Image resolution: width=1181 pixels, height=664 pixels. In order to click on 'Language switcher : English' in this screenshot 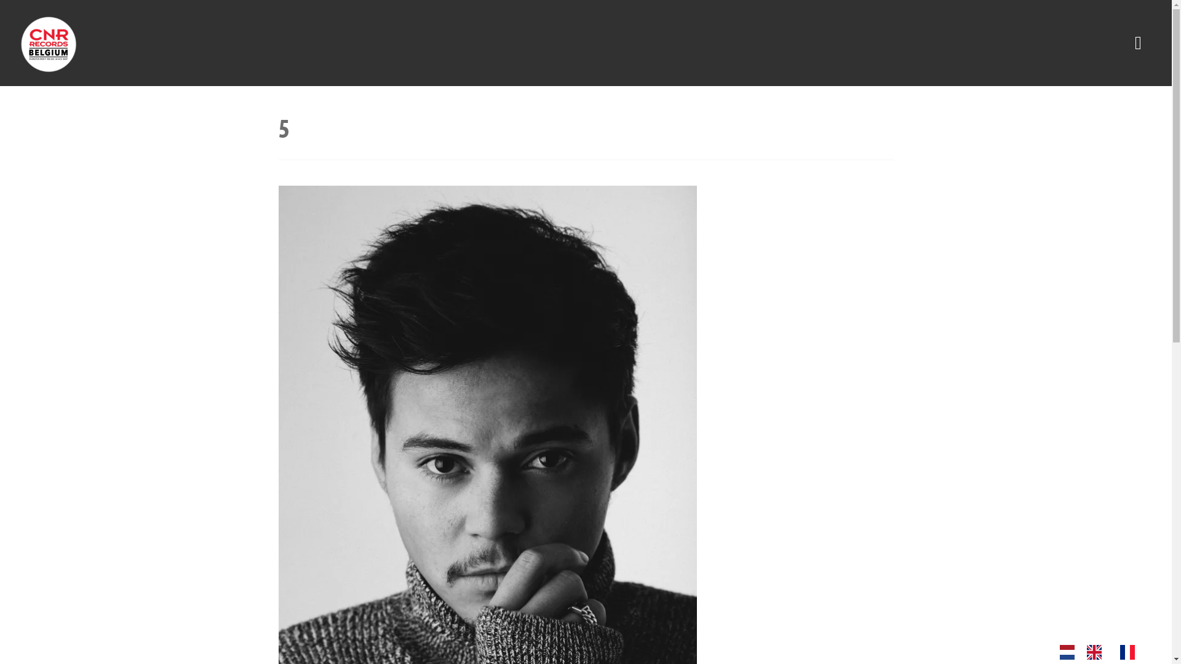, I will do `click(1080, 650)`.